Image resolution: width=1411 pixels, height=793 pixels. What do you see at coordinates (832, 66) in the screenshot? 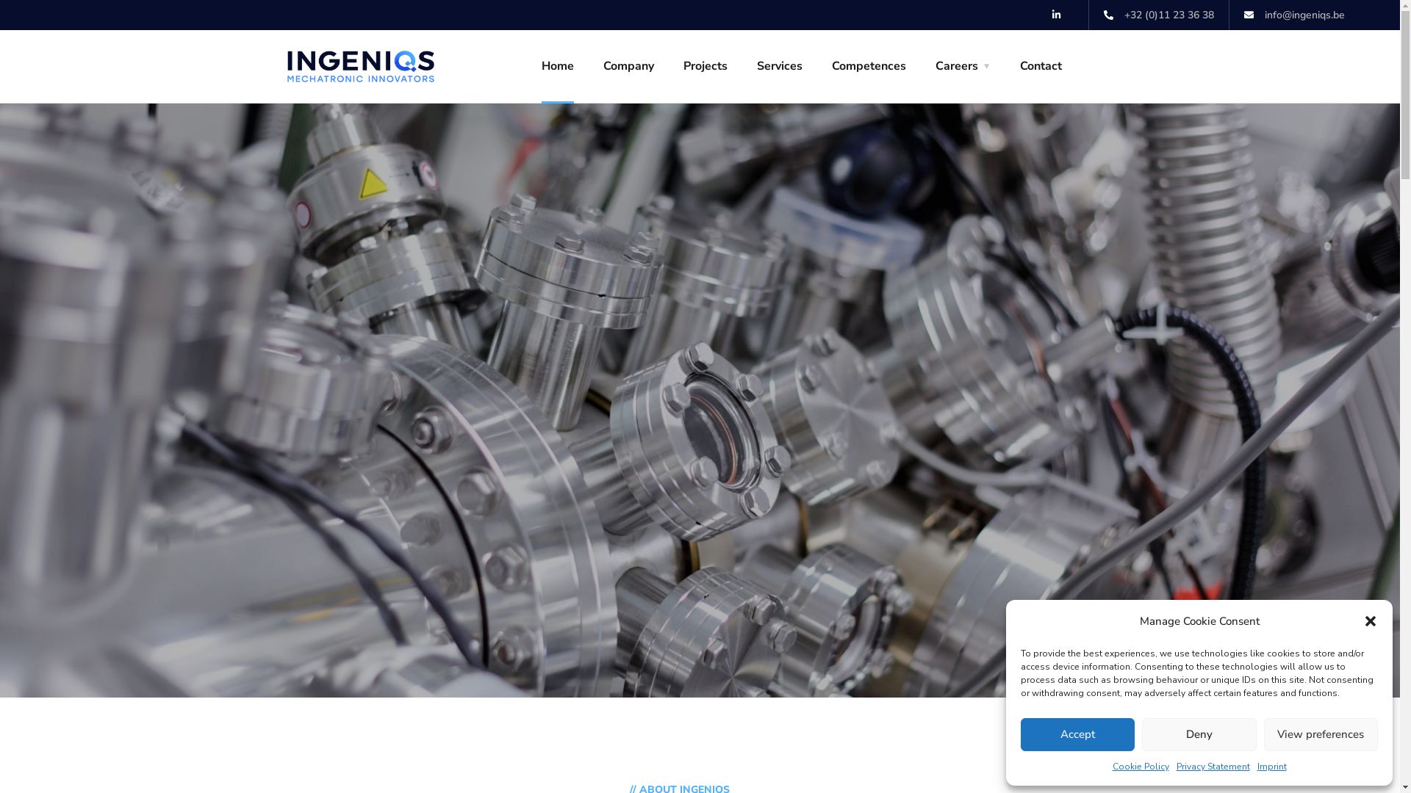
I see `'Competences'` at bounding box center [832, 66].